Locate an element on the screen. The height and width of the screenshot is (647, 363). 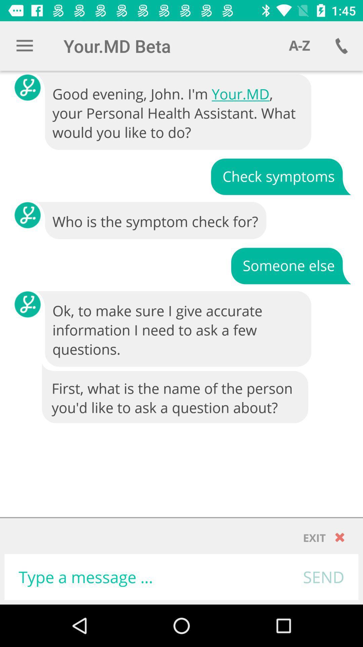
the someone else icon is located at coordinates (290, 265).